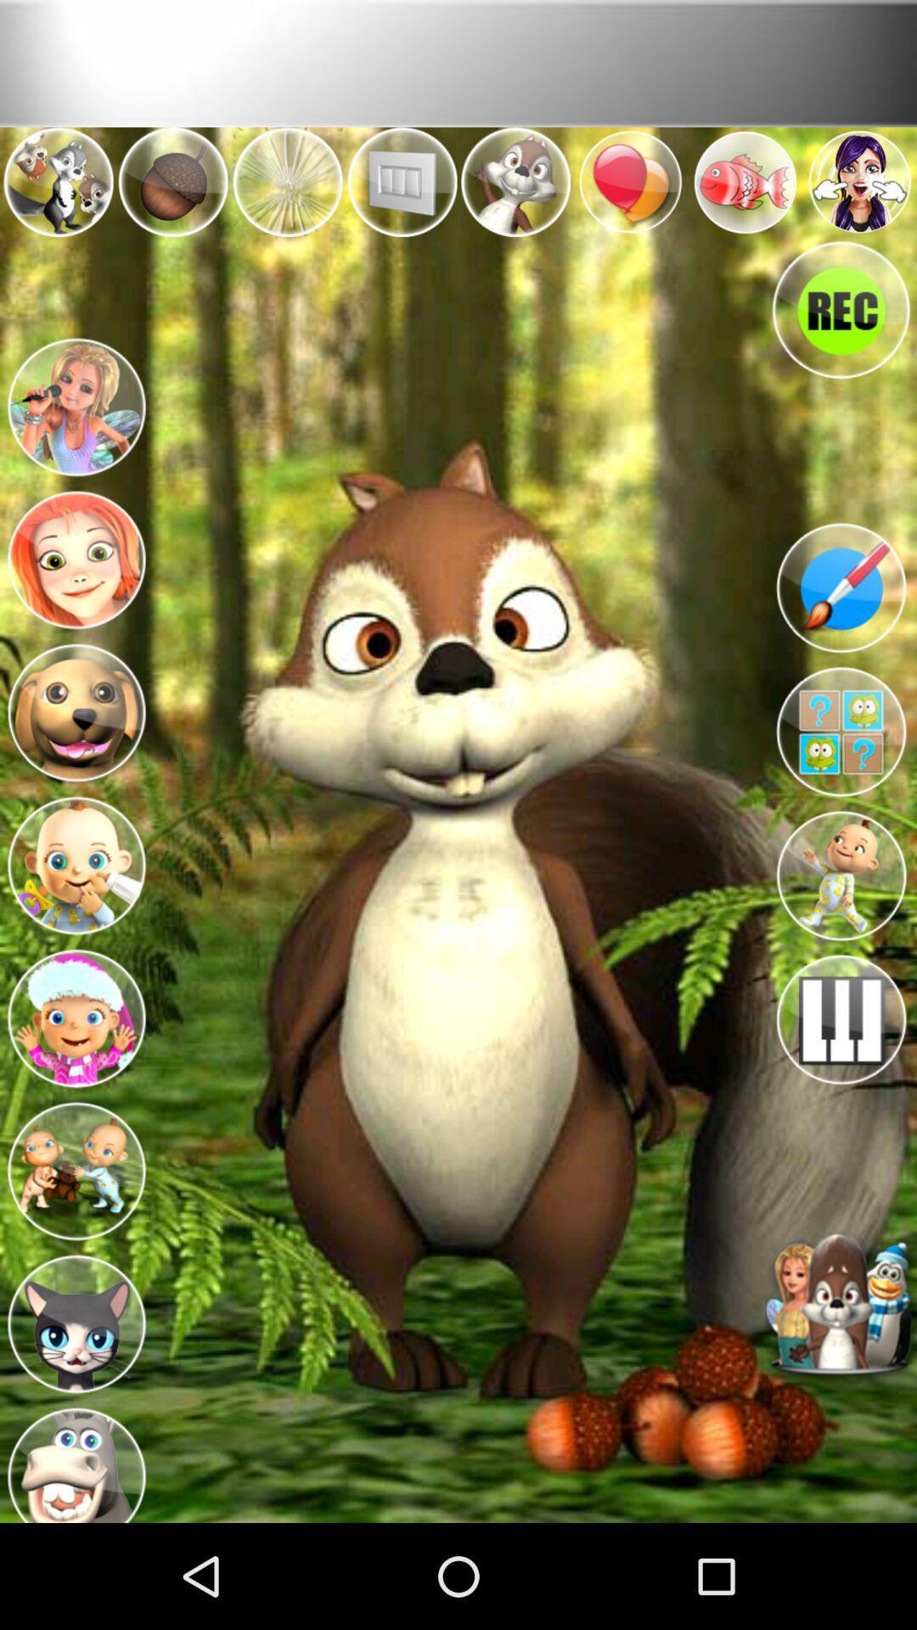  Describe the element at coordinates (75, 554) in the screenshot. I see `red hair female filter` at that location.